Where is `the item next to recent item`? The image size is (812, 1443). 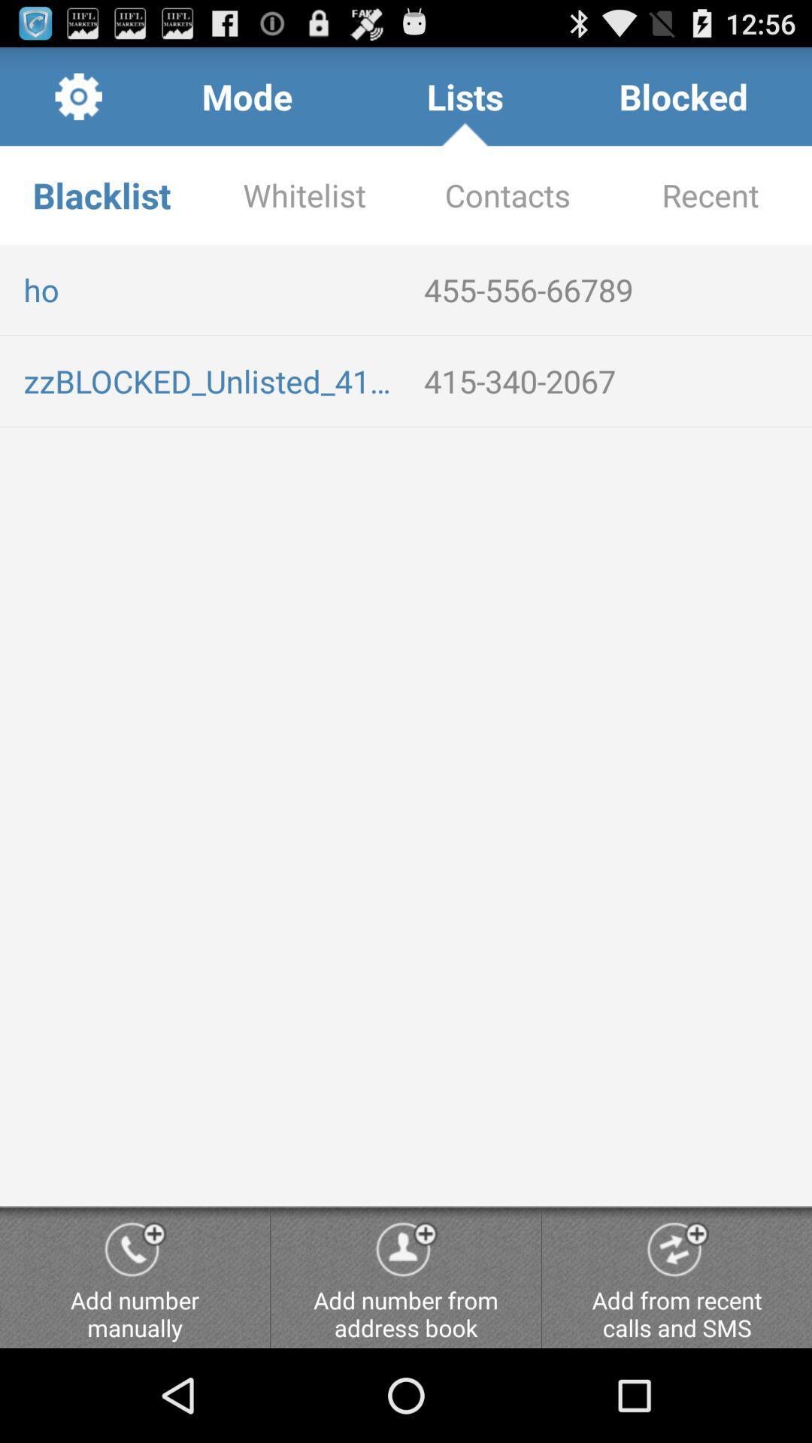
the item next to recent item is located at coordinates (507, 194).